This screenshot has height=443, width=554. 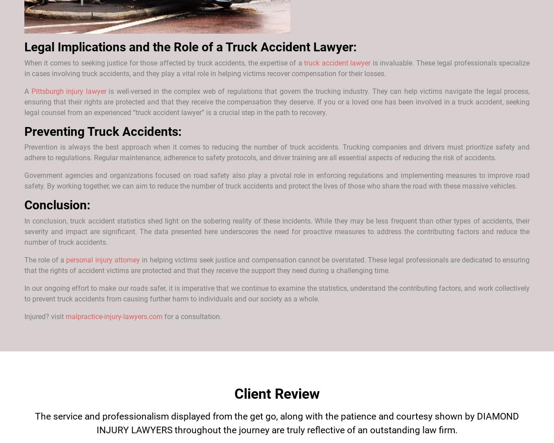 I want to click on 'Injured? visit', so click(x=44, y=316).